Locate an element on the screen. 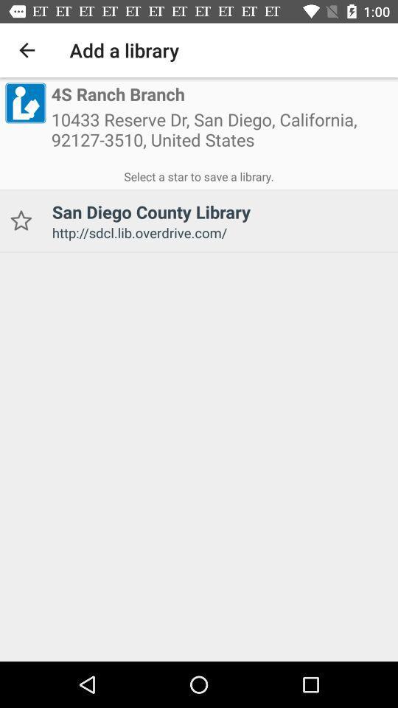  the icon below select a star is located at coordinates (20, 220).